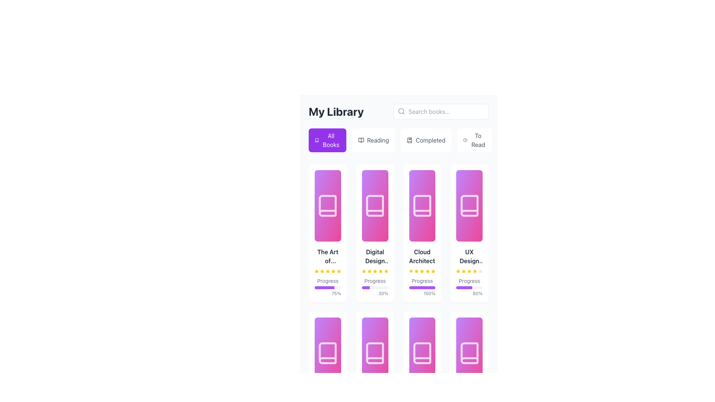 The image size is (715, 402). Describe the element at coordinates (333, 271) in the screenshot. I see `the fifth rating star for the book titled 'The Art of...' in the 'My Library' section` at that location.